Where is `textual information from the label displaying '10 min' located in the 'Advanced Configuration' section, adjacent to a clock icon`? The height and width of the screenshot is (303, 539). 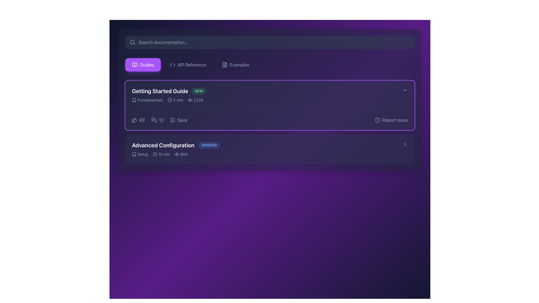
textual information from the label displaying '10 min' located in the 'Advanced Configuration' section, adjacent to a clock icon is located at coordinates (164, 154).